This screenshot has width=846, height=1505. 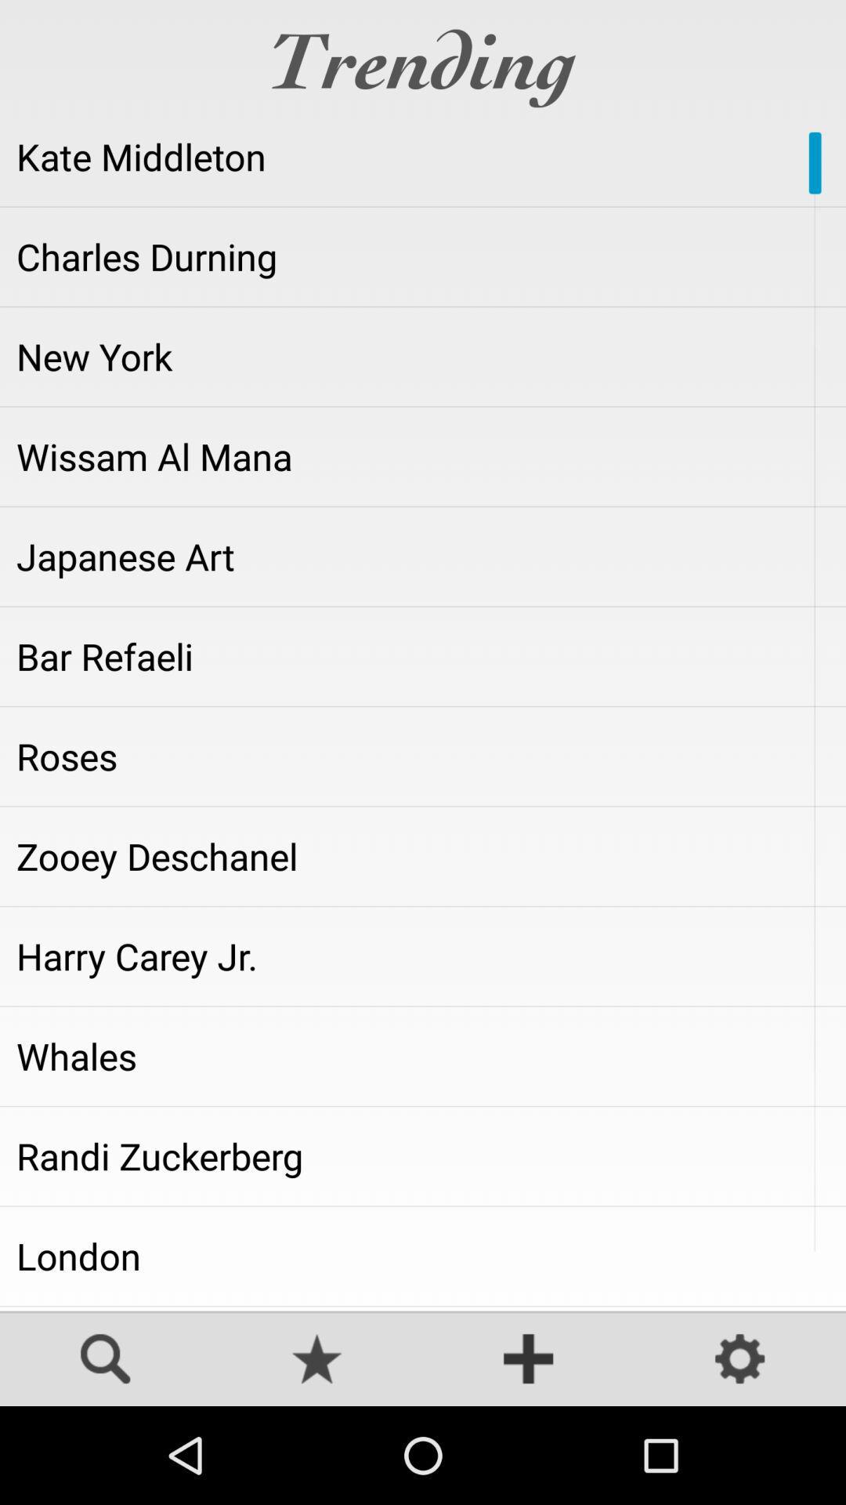 What do you see at coordinates (423, 157) in the screenshot?
I see `the app below the trending item` at bounding box center [423, 157].